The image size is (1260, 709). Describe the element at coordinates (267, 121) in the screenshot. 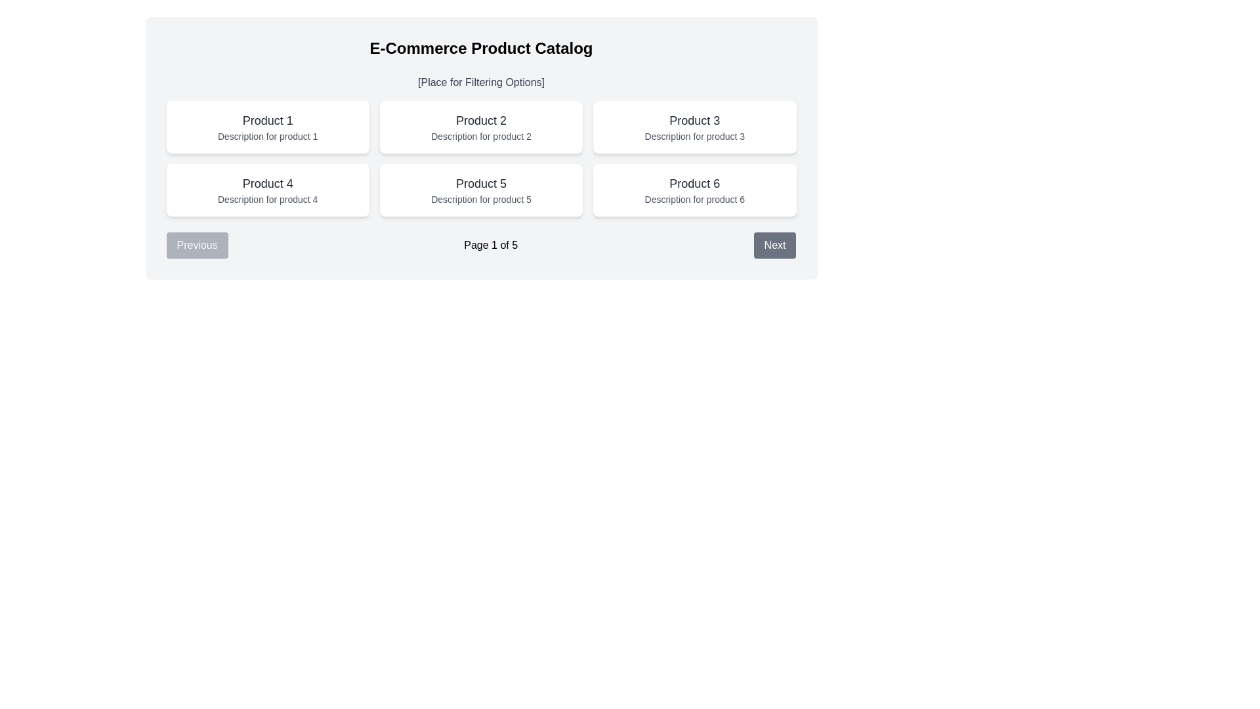

I see `the 'Product 1' text label, which is displayed in a bold font at the top of the first card in the product catalog grid` at that location.